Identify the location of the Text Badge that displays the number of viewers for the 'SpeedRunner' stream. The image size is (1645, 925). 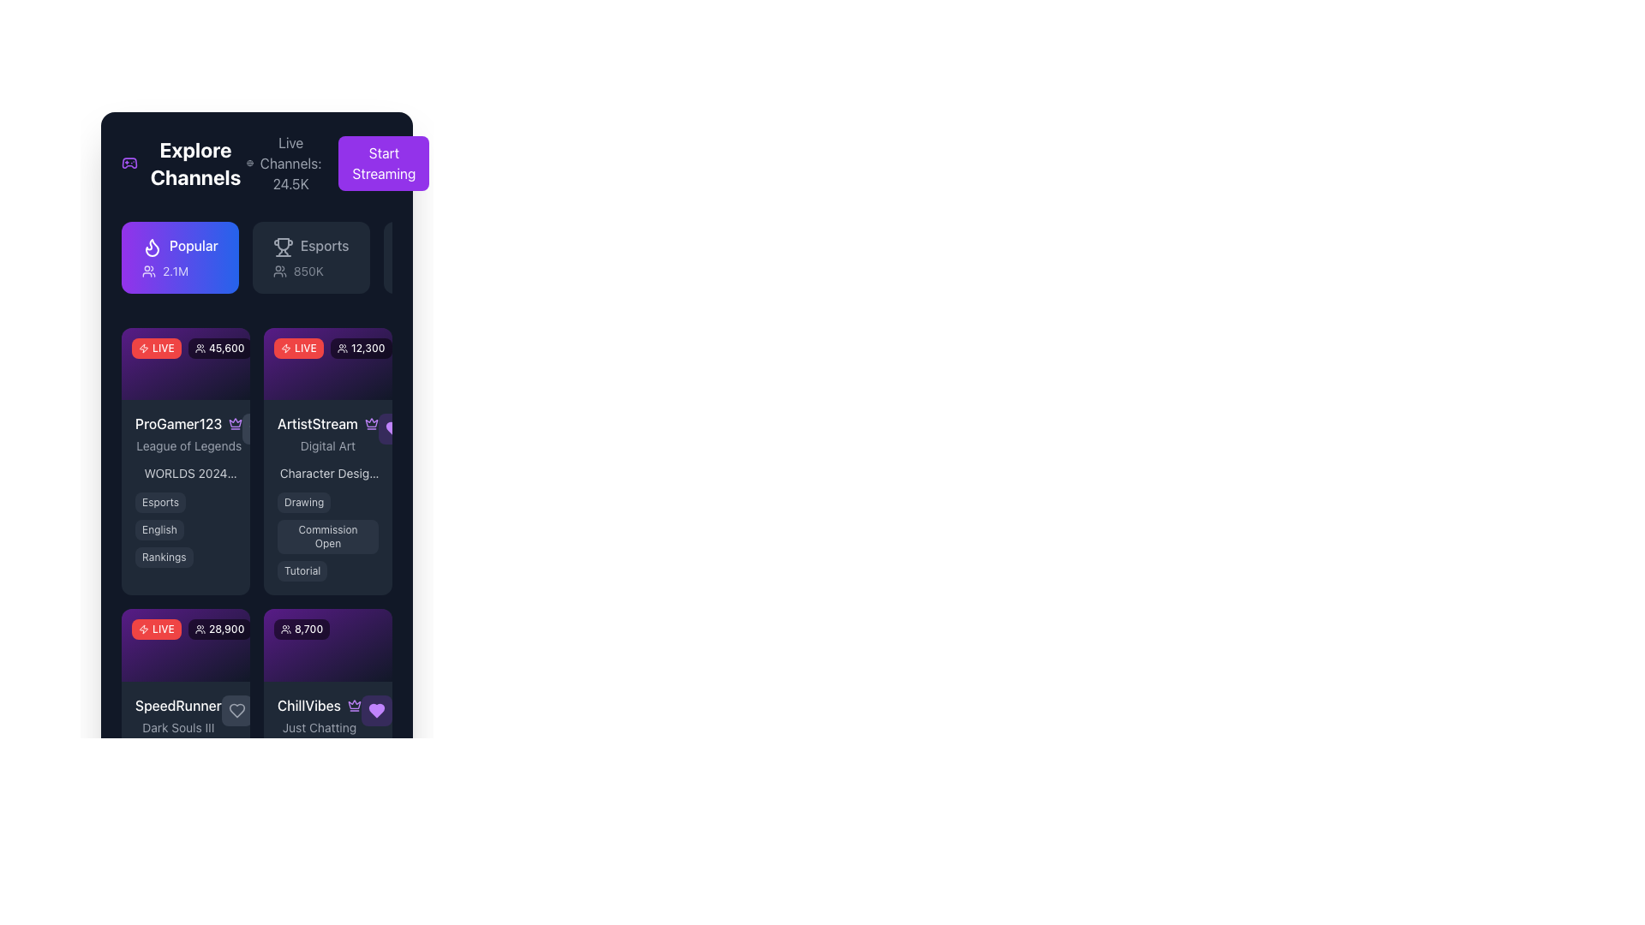
(218, 630).